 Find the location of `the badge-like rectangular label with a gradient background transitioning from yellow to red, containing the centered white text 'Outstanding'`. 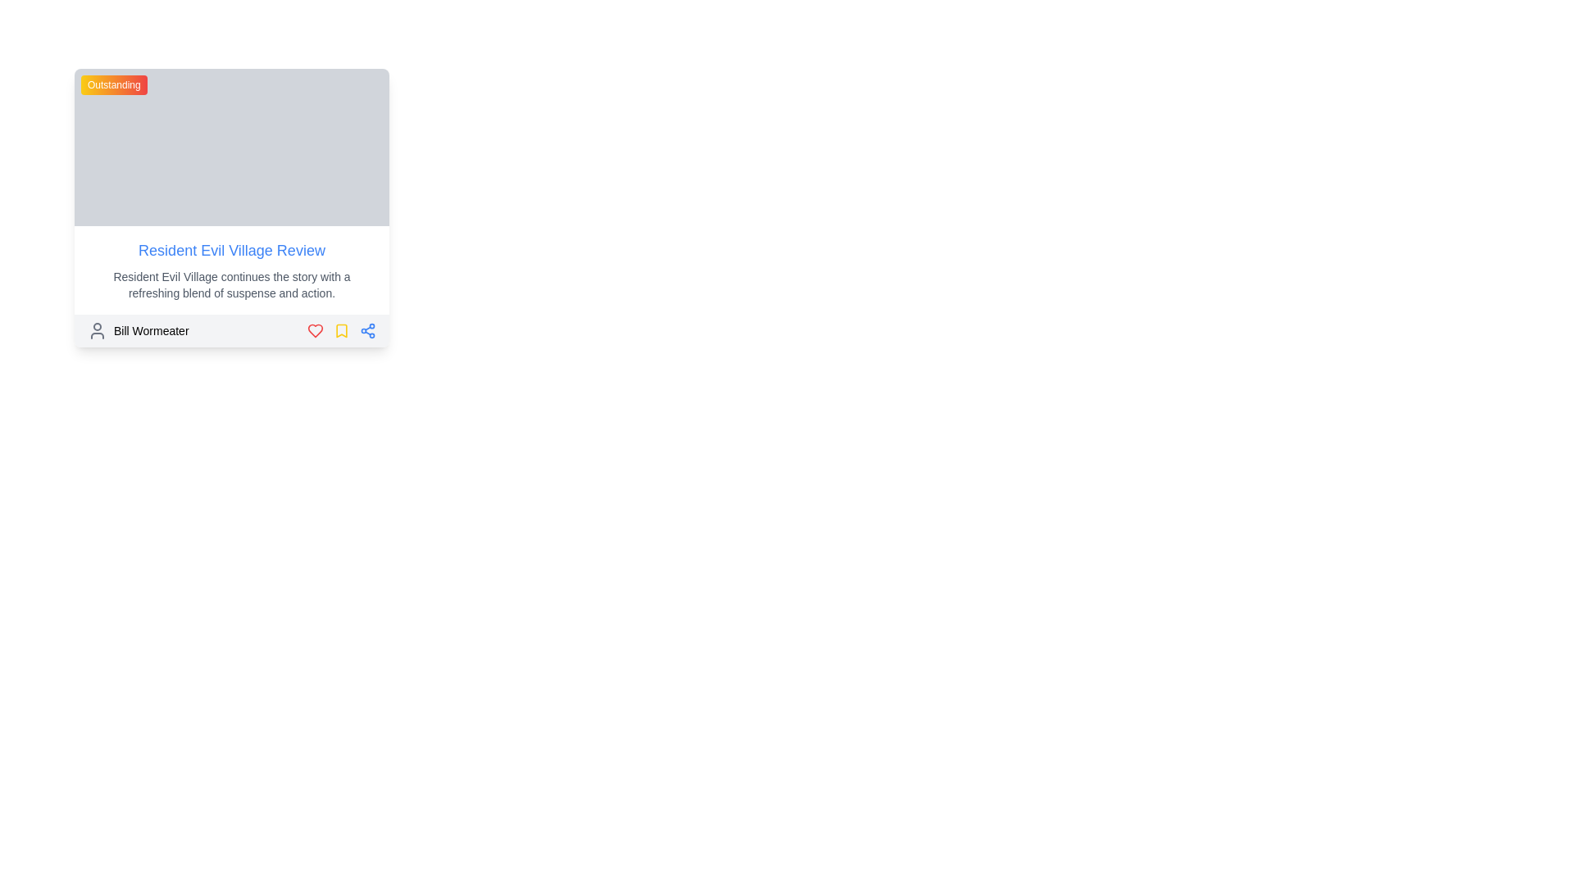

the badge-like rectangular label with a gradient background transitioning from yellow to red, containing the centered white text 'Outstanding' is located at coordinates (113, 85).